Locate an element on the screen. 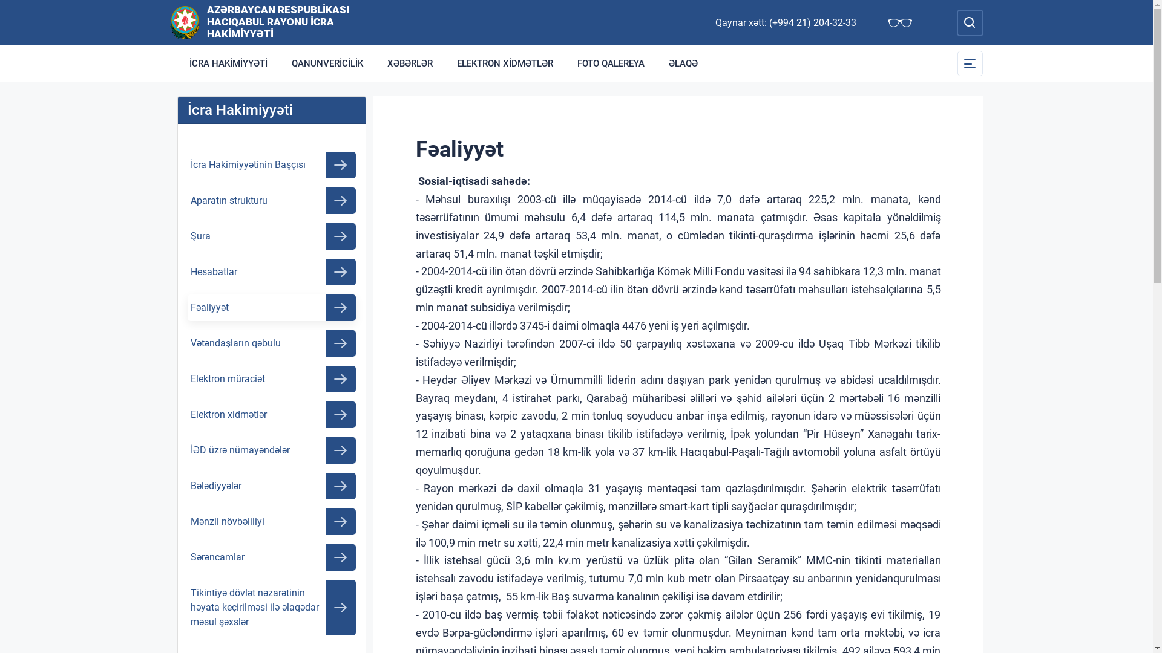 The width and height of the screenshot is (1162, 653). 'FOTO QALEREYA' is located at coordinates (611, 63).